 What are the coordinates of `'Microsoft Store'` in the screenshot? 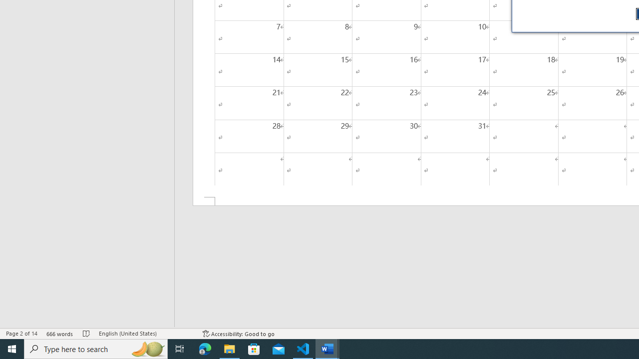 It's located at (254, 348).